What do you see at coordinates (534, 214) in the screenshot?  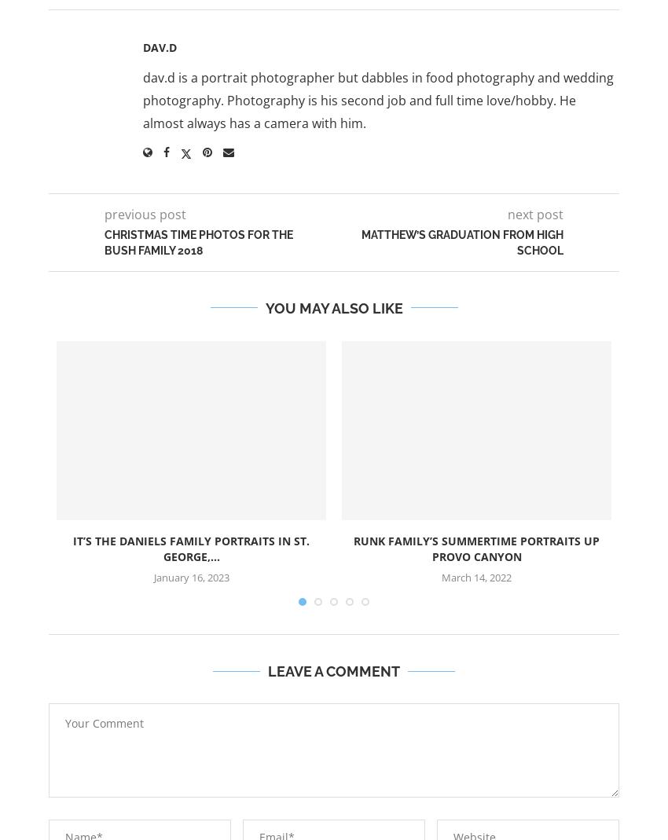 I see `'next post'` at bounding box center [534, 214].